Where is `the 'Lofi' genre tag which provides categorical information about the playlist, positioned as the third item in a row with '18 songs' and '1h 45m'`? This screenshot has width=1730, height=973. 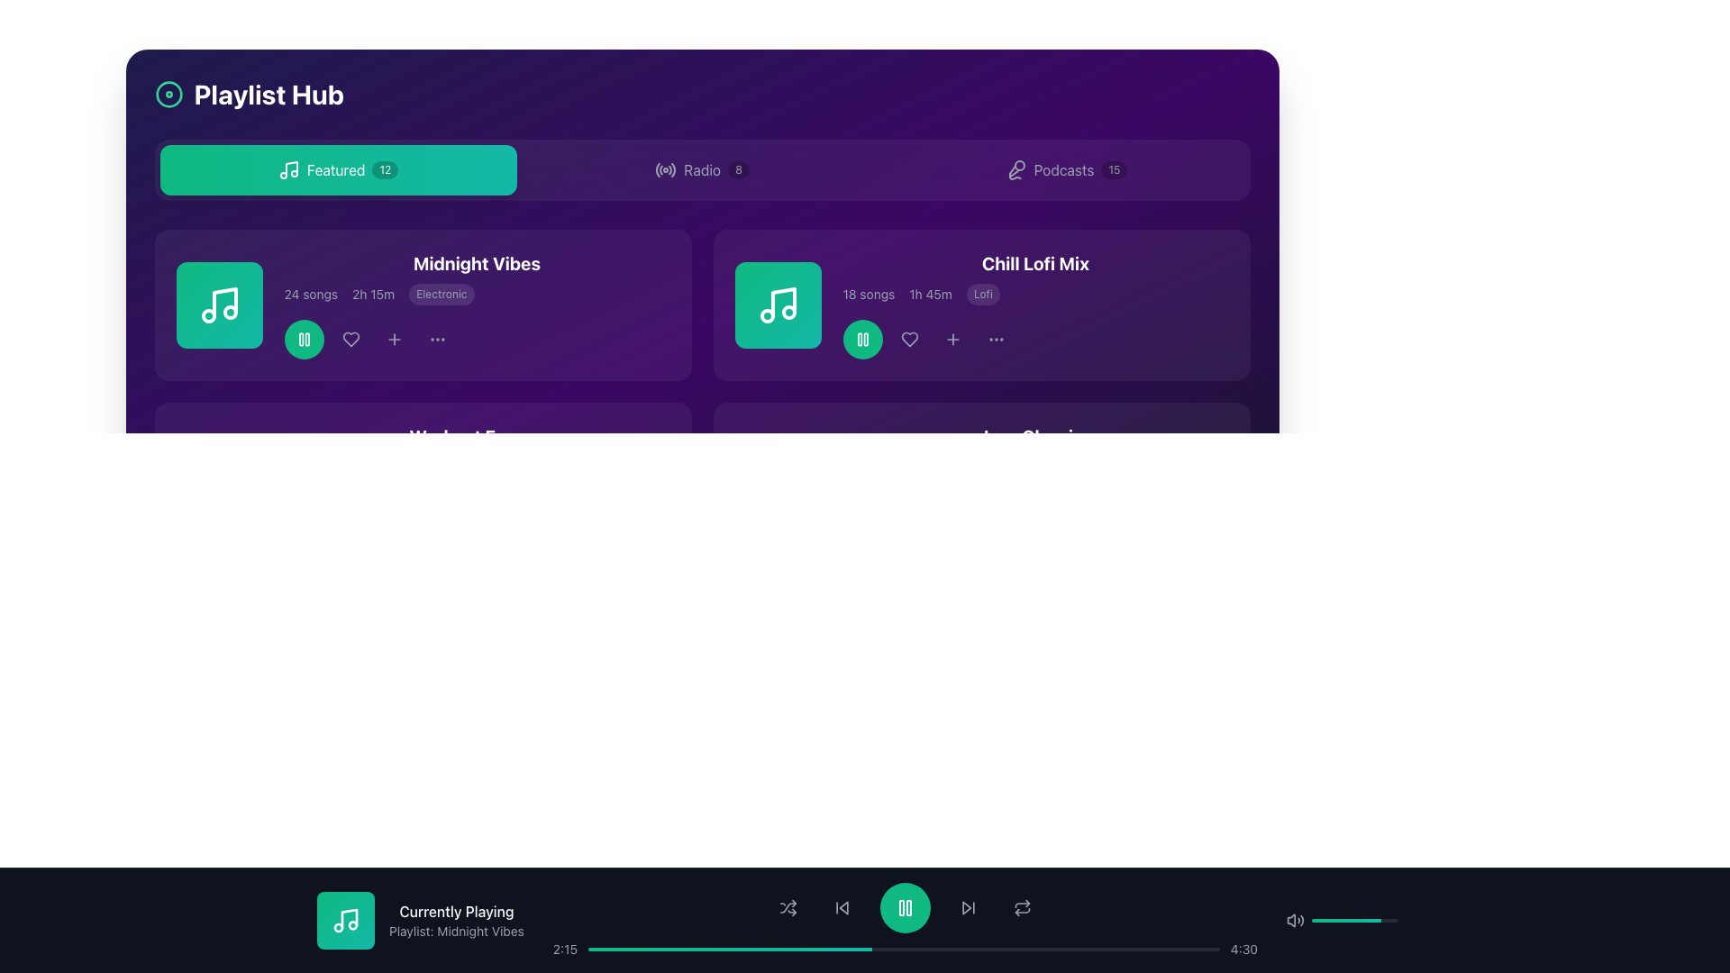 the 'Lofi' genre tag which provides categorical information about the playlist, positioned as the third item in a row with '18 songs' and '1h 45m' is located at coordinates (982, 294).